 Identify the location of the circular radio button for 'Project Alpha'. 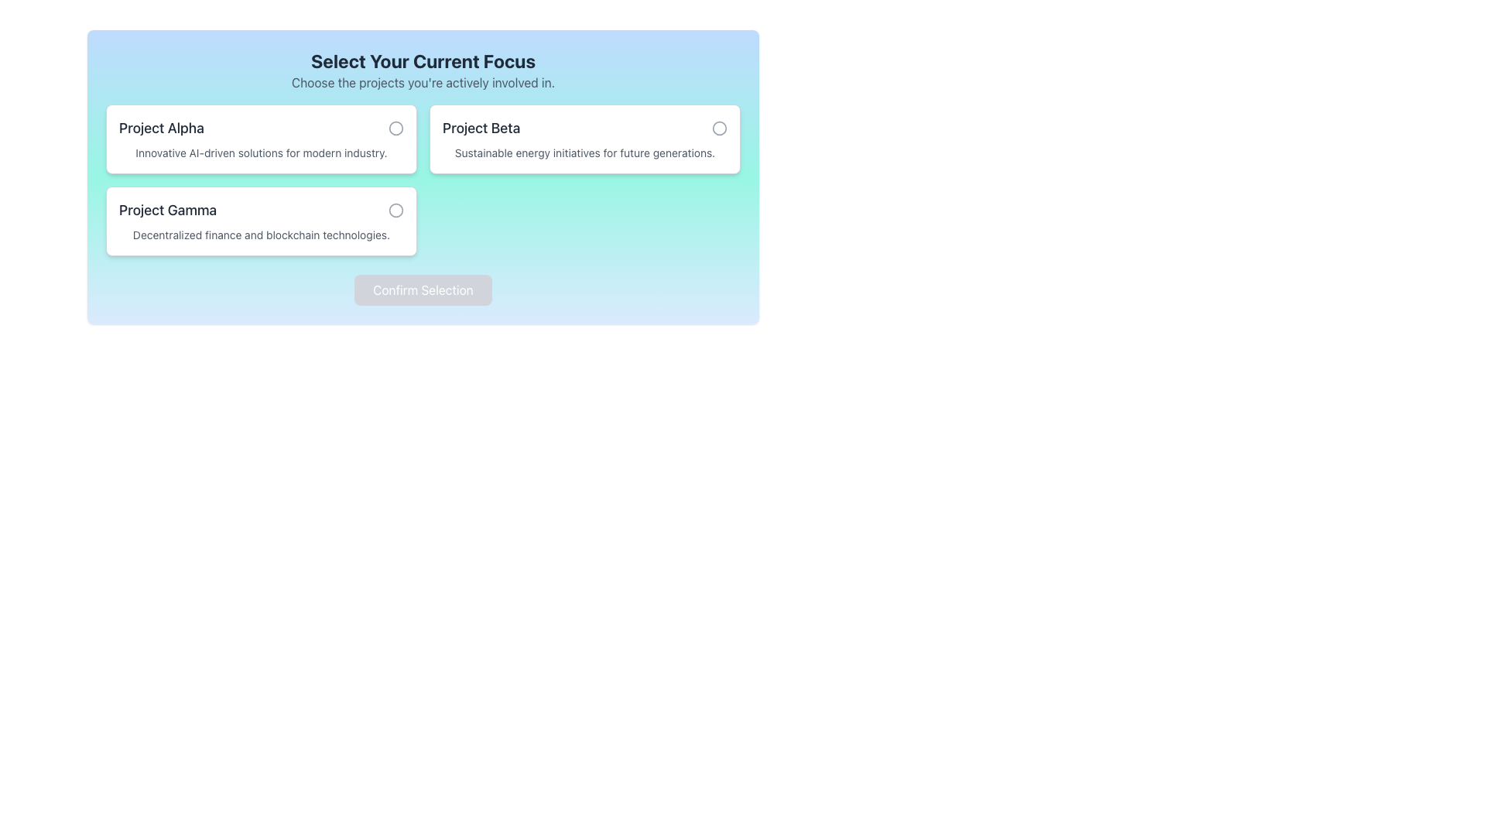
(396, 127).